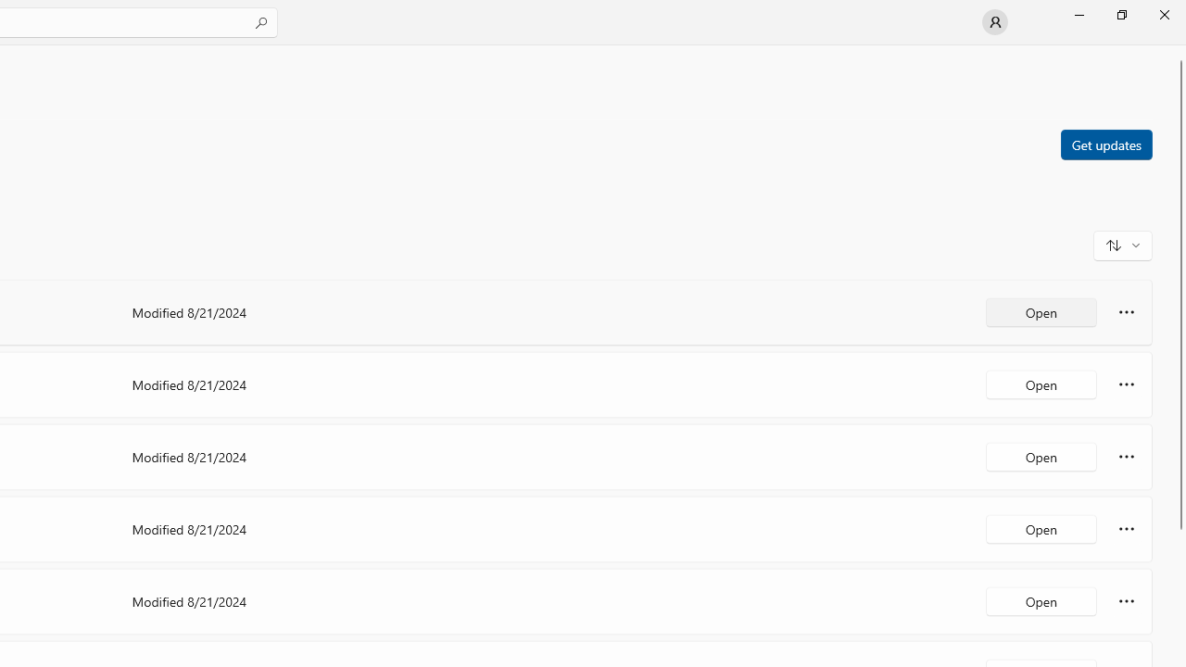 This screenshot has width=1186, height=667. Describe the element at coordinates (1120, 14) in the screenshot. I see `'Restore Microsoft Store'` at that location.